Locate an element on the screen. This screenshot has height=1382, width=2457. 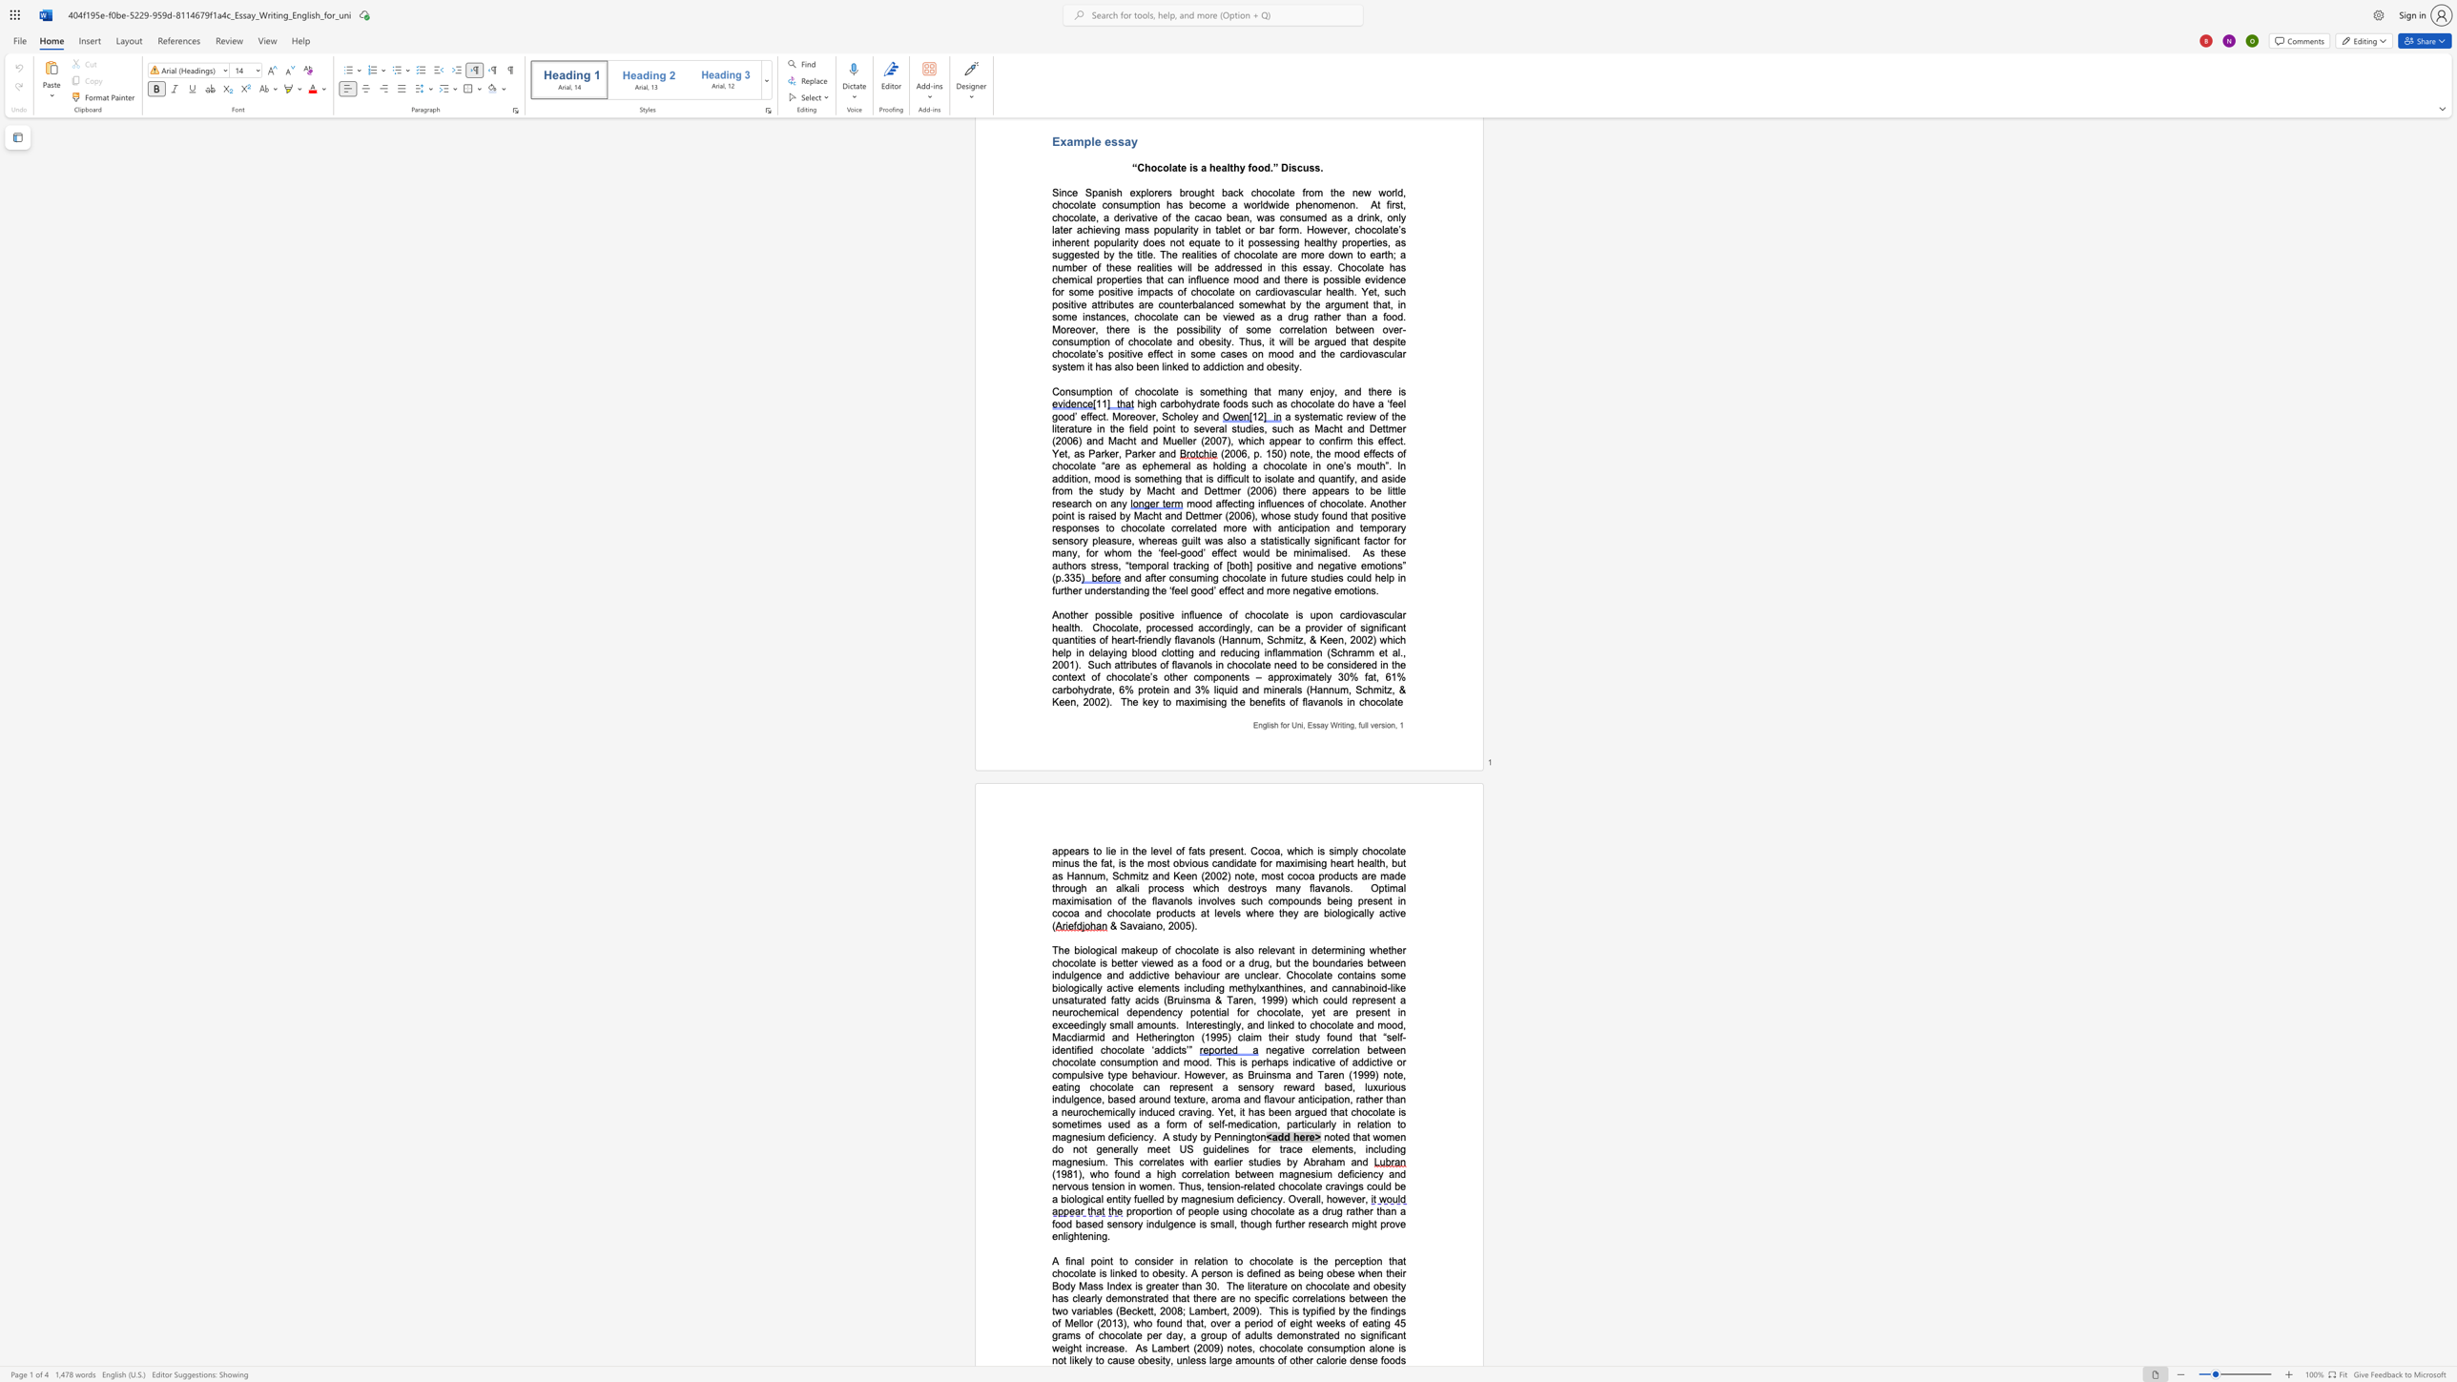
the subset text "o cause obesity, unle" within the text "As Lambert (2009) notes, chocolate consumption alone is not likely to cause obesity, unless" is located at coordinates (1097, 1360).